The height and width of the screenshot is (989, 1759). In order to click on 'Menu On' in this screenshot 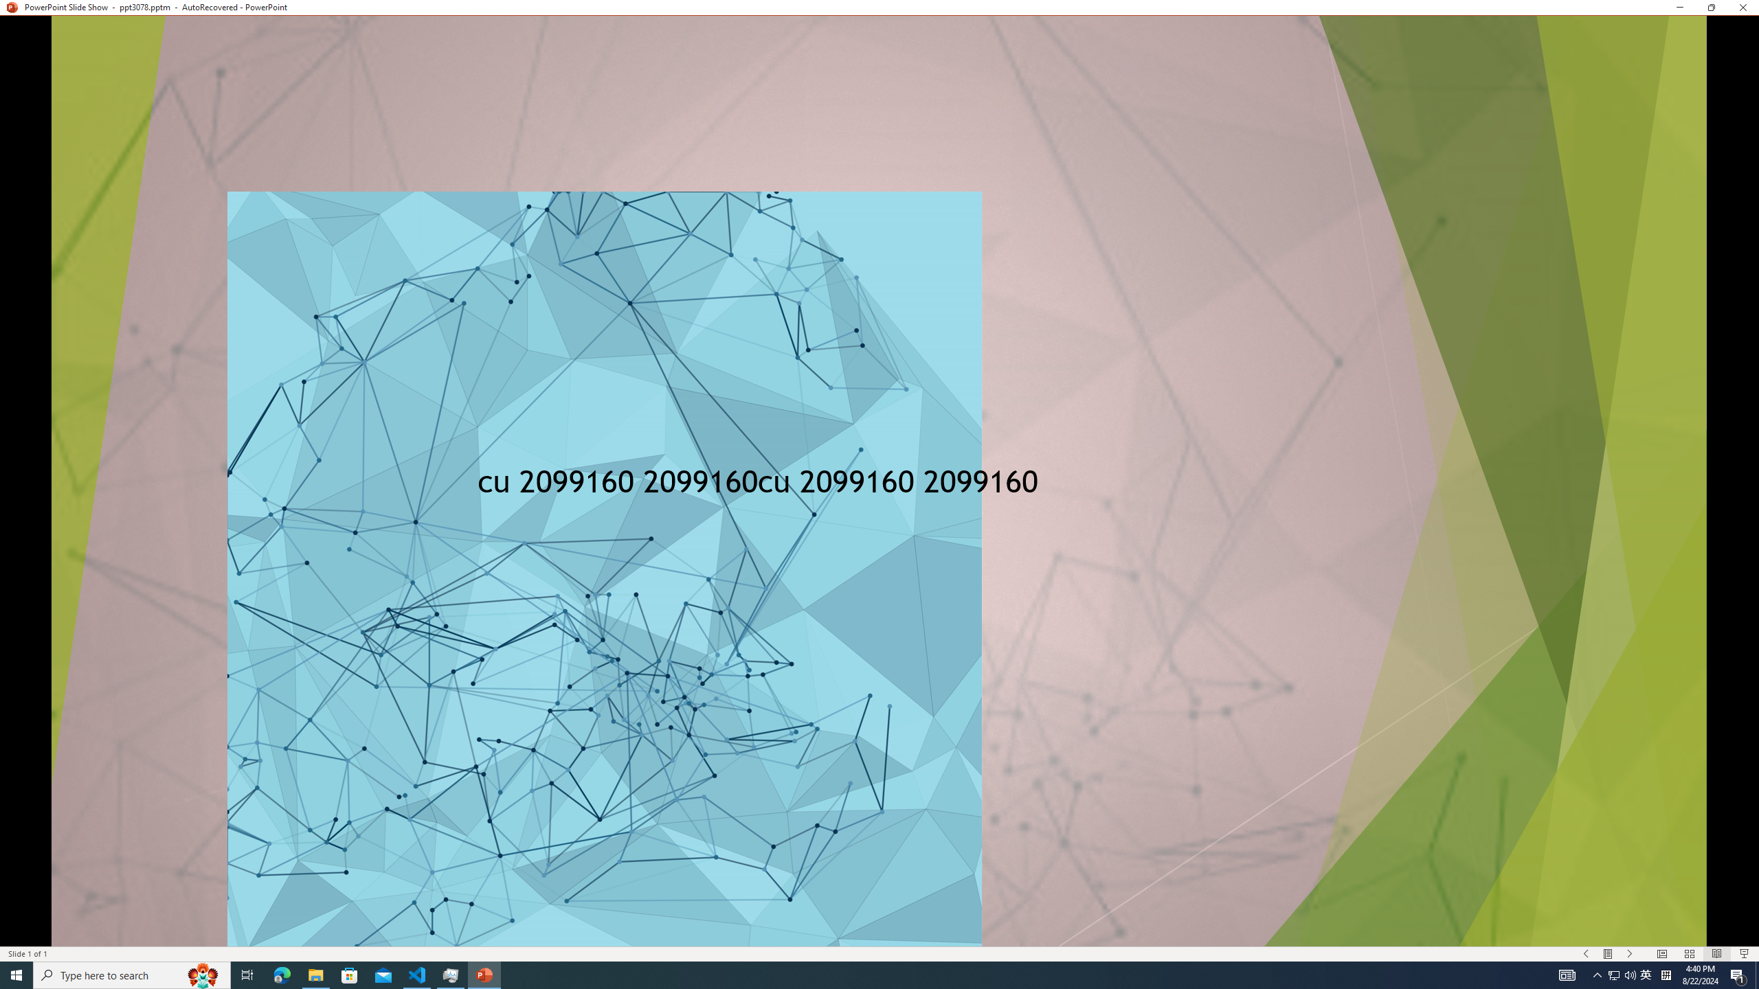, I will do `click(1608, 954)`.